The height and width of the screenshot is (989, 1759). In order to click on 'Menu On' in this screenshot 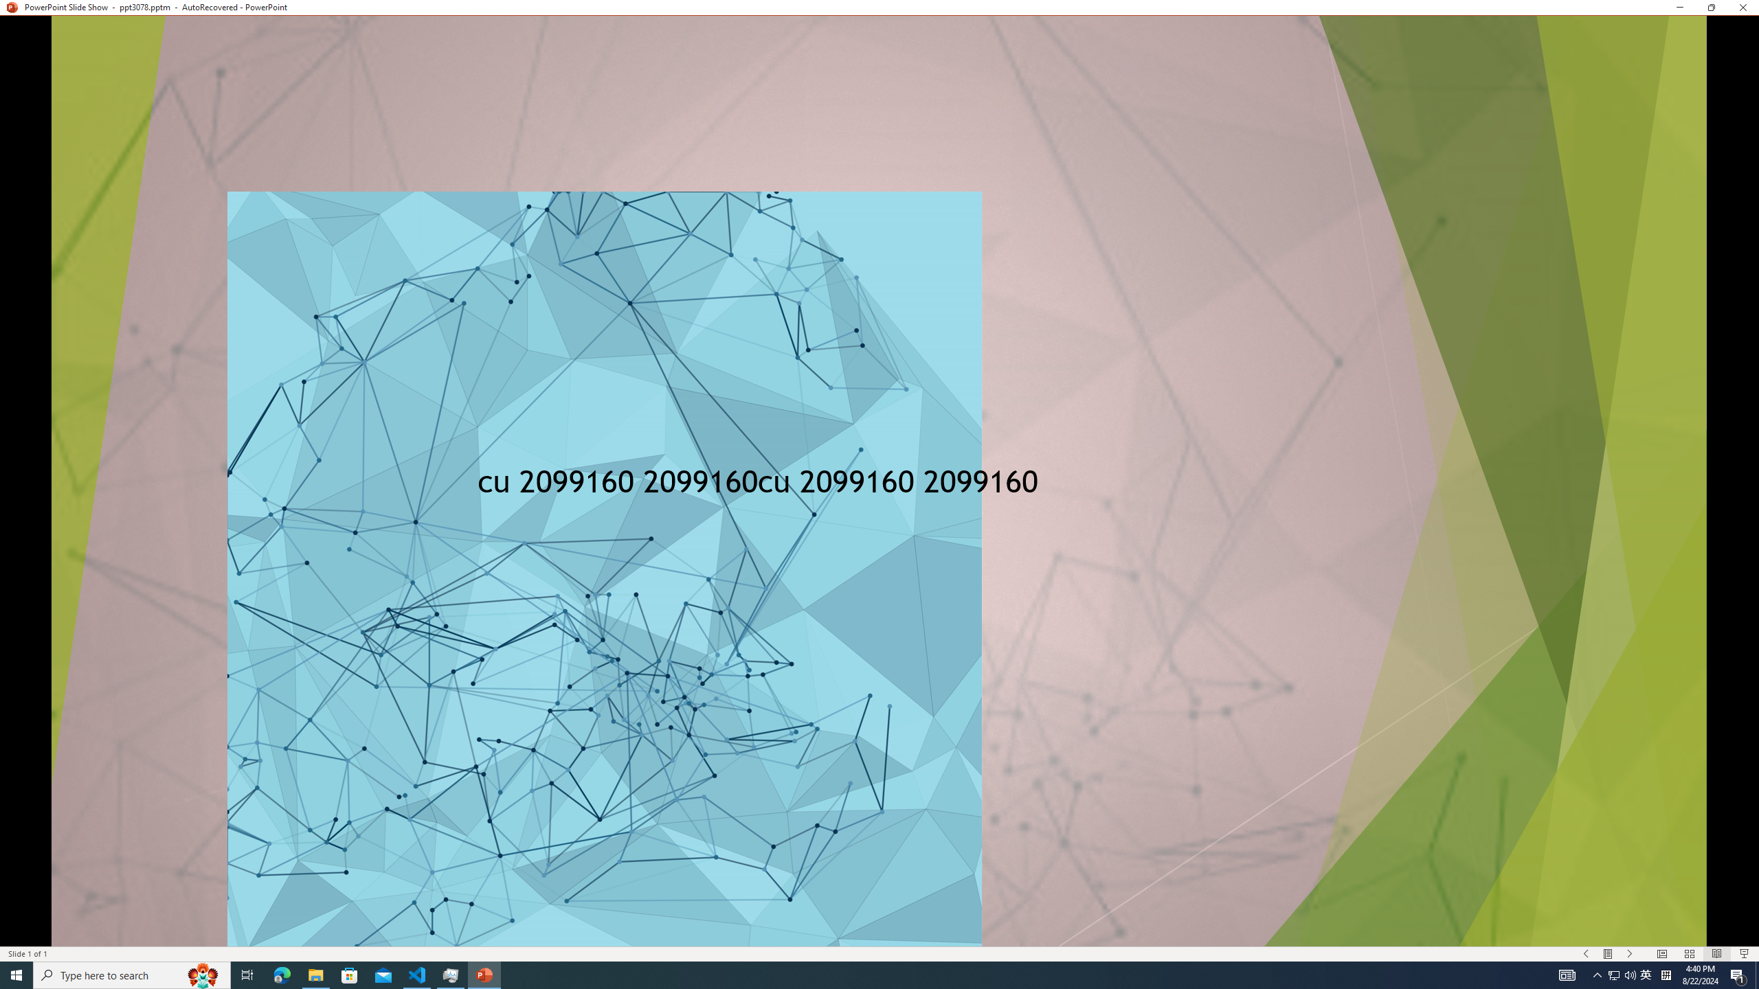, I will do `click(1608, 954)`.